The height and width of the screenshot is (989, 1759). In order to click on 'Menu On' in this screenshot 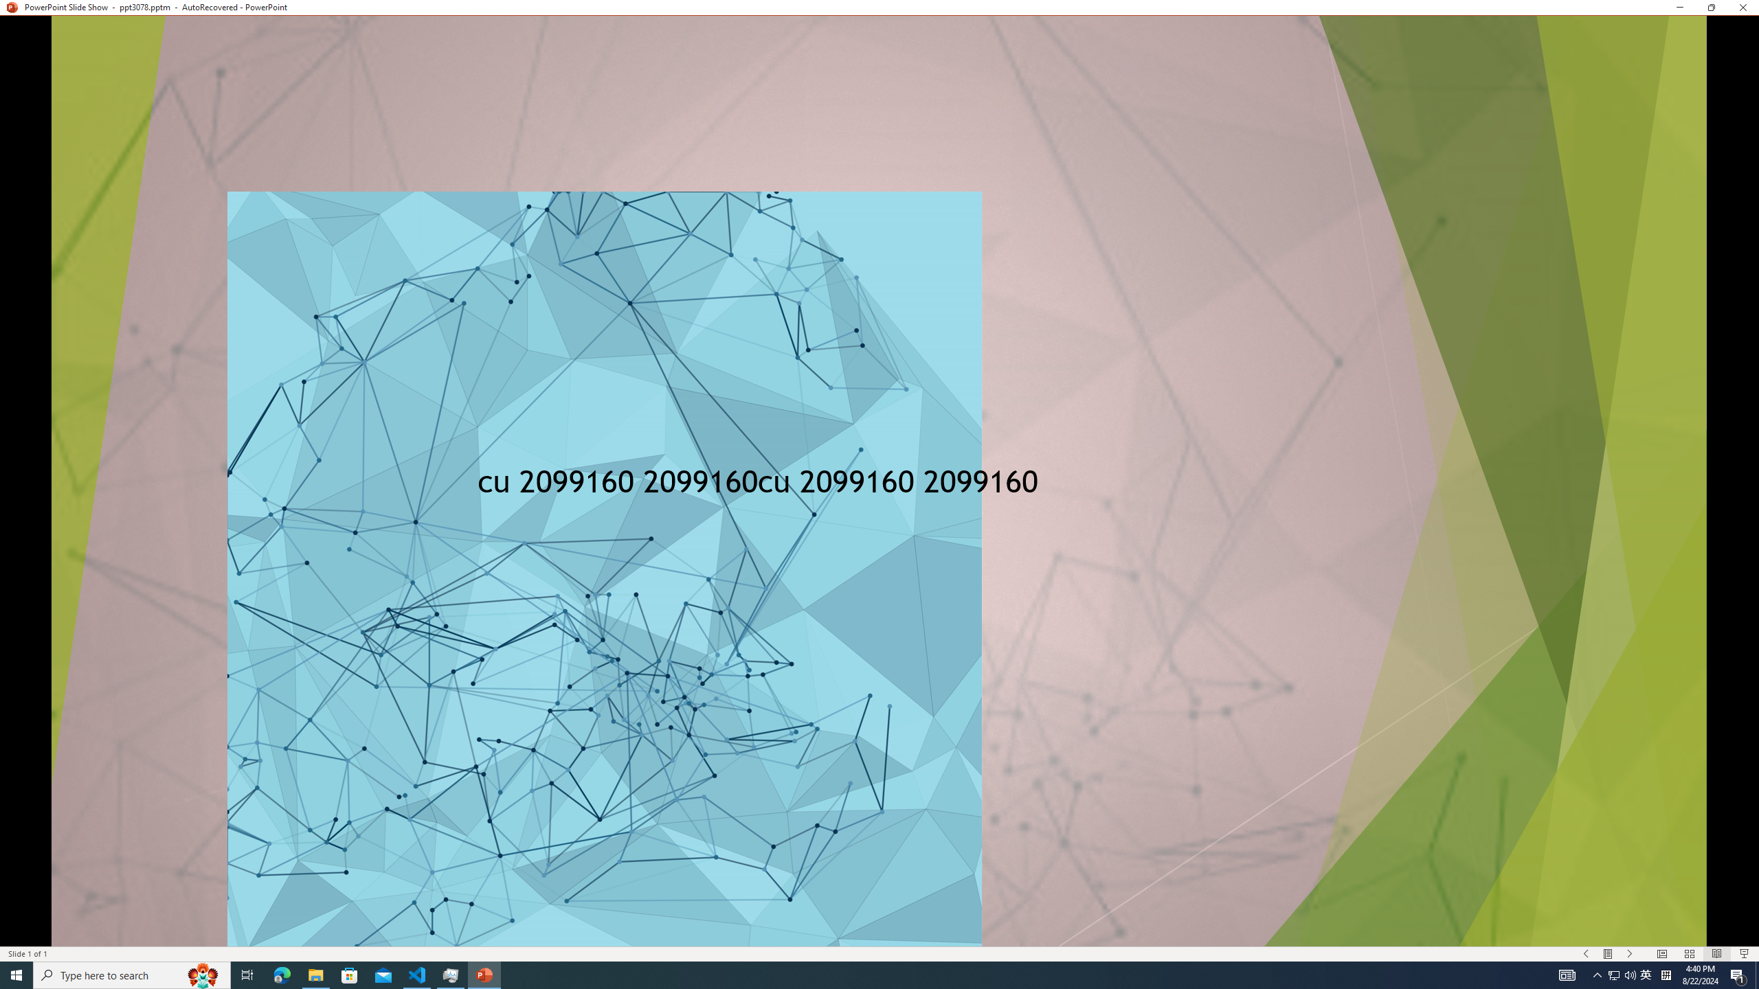, I will do `click(1608, 954)`.